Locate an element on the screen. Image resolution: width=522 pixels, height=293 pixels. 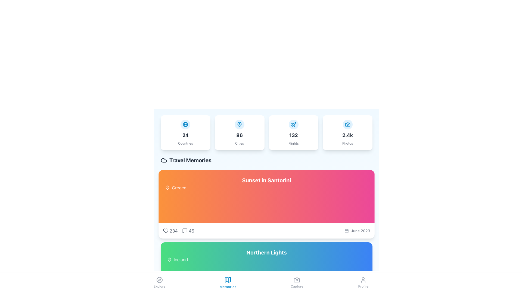
the camera icon associated with the 'Capture' text label located in the bottom navigation bar is located at coordinates (297, 286).